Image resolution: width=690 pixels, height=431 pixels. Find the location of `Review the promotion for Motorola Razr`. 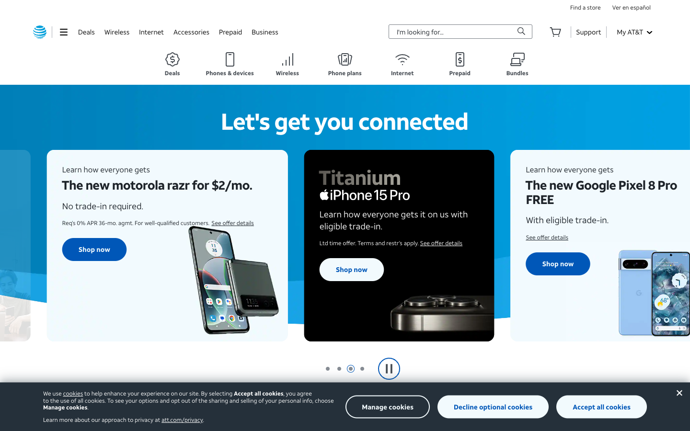

Review the promotion for Motorola Razr is located at coordinates (91, 257).